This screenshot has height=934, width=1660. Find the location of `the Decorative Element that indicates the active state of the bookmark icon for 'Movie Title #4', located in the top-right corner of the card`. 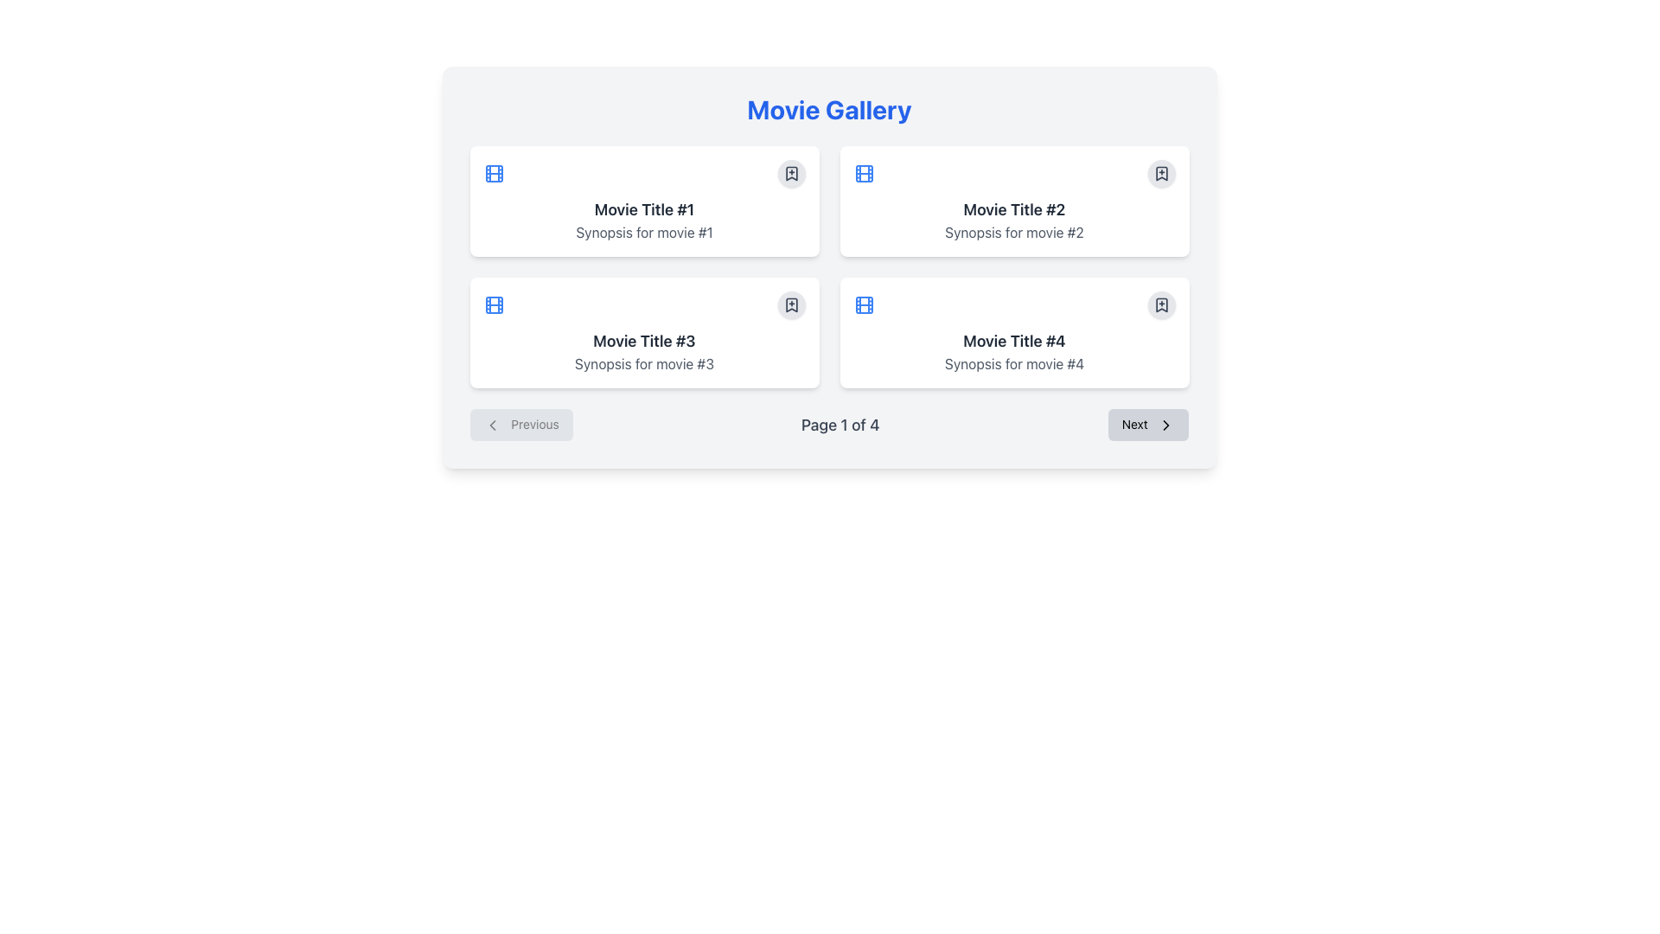

the Decorative Element that indicates the active state of the bookmark icon for 'Movie Title #4', located in the top-right corner of the card is located at coordinates (1161, 304).